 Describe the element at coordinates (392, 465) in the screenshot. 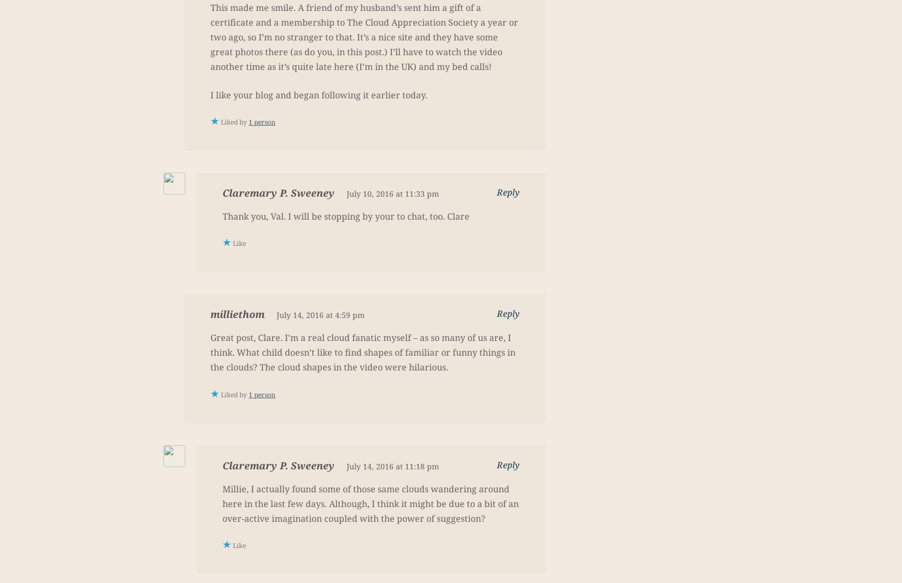

I see `'July 14, 2016 at 11:18 pm'` at that location.